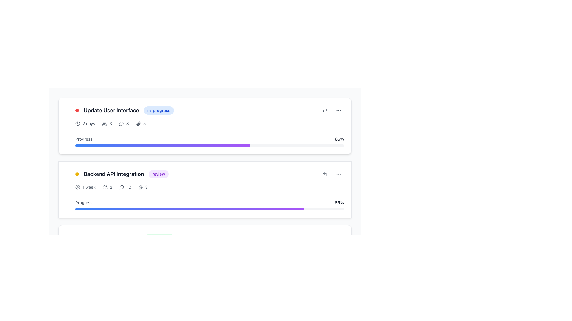 The height and width of the screenshot is (321, 572). I want to click on the icon-based button located in the top-right corner of the 'Backend API Integration' card to initiate the related action, so click(324, 174).